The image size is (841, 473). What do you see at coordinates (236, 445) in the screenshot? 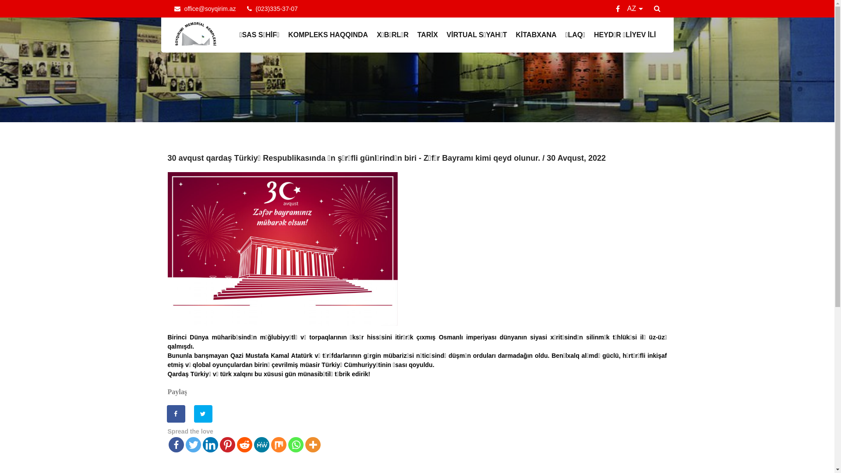
I see `'Reddit'` at bounding box center [236, 445].